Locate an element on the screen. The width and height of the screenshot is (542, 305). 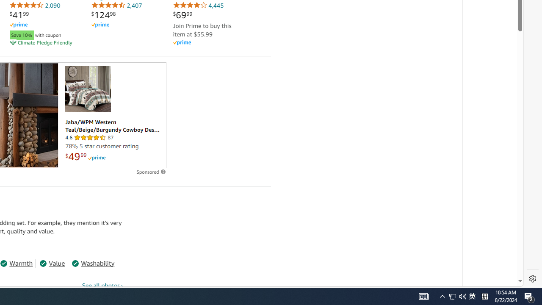
'Washability' is located at coordinates (93, 263).